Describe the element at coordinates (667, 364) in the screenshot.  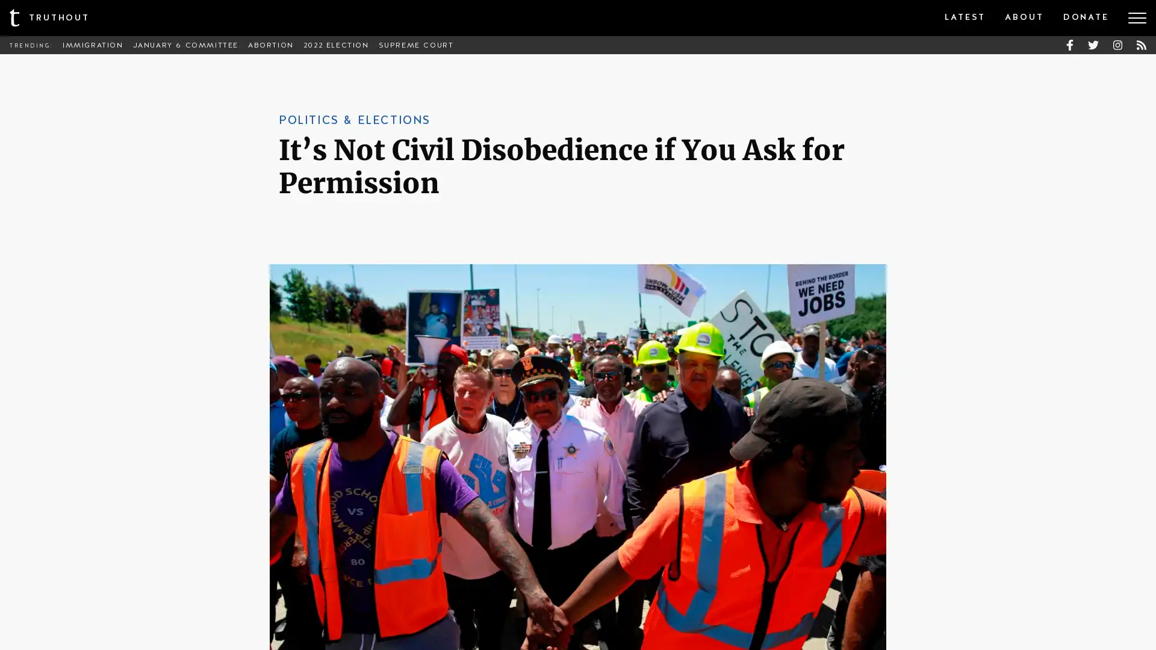
I see `Subscribe` at that location.